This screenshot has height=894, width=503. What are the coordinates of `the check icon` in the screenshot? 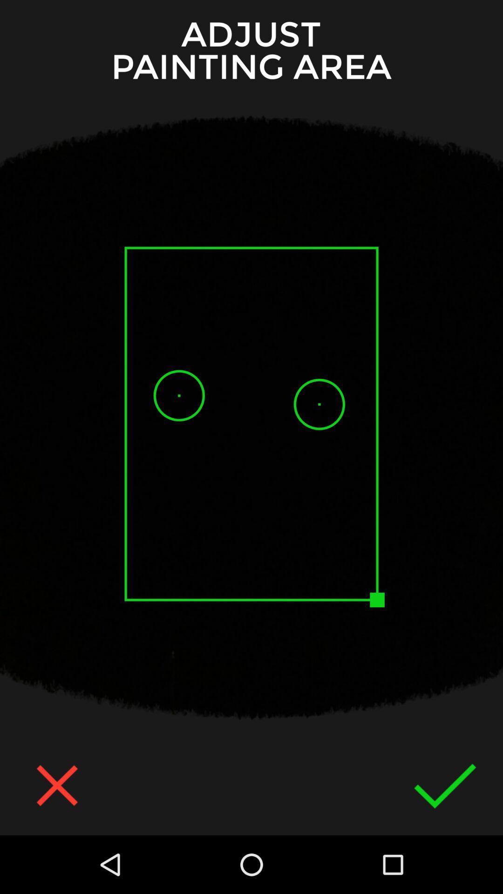 It's located at (444, 786).